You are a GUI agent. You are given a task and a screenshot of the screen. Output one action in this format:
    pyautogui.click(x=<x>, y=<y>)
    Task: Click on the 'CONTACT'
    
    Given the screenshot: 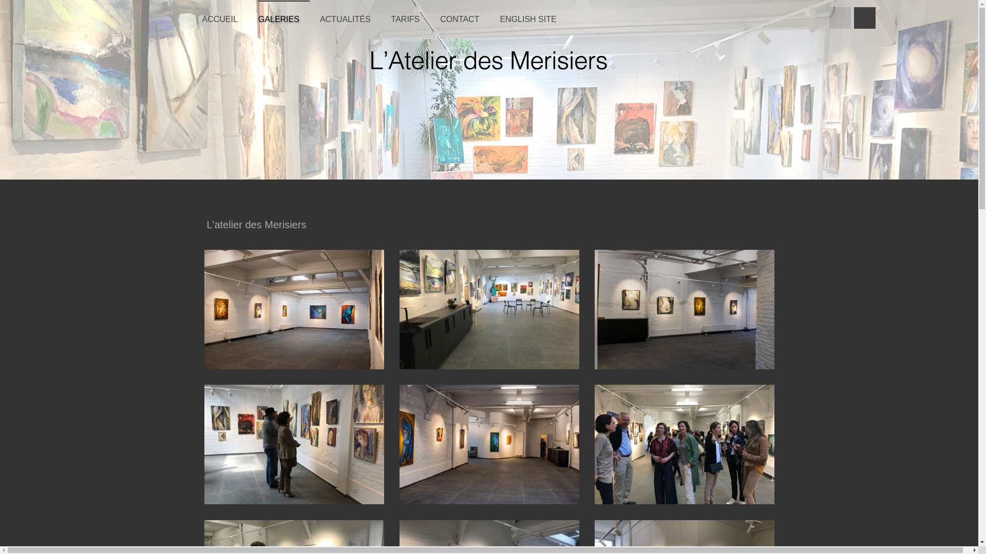 What is the action you would take?
    pyautogui.click(x=464, y=15)
    